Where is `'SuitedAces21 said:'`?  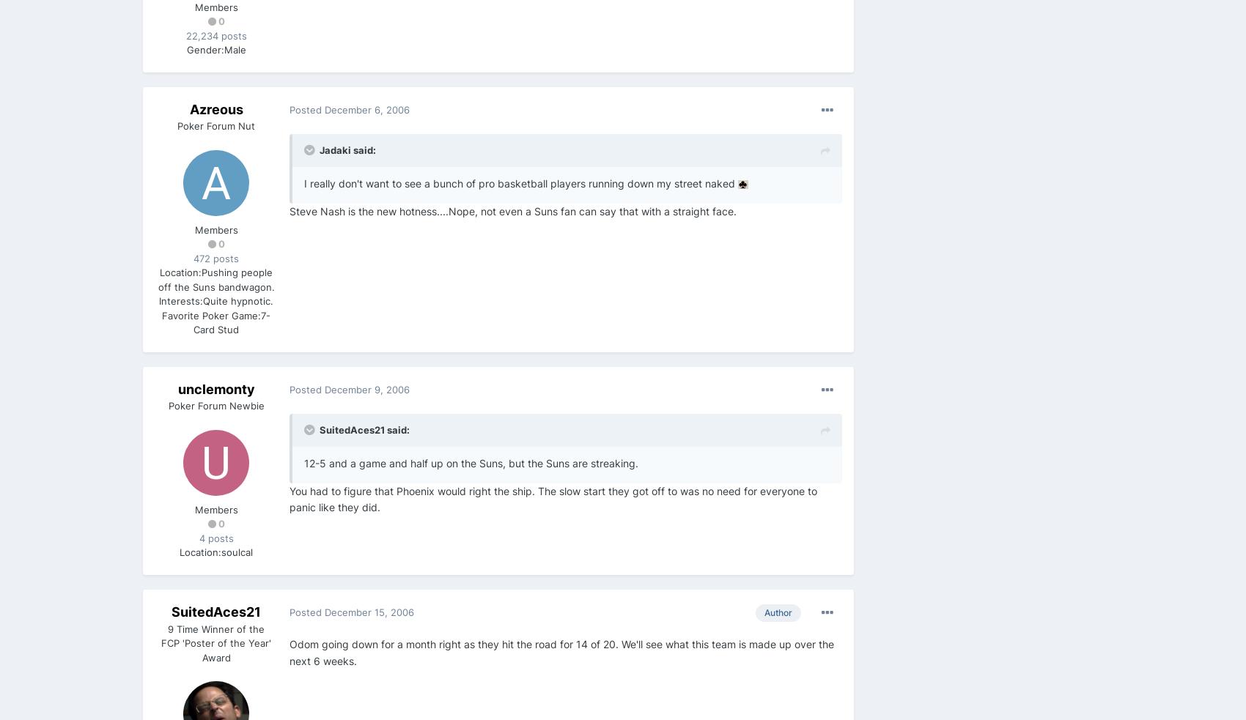
'SuitedAces21 said:' is located at coordinates (364, 428).